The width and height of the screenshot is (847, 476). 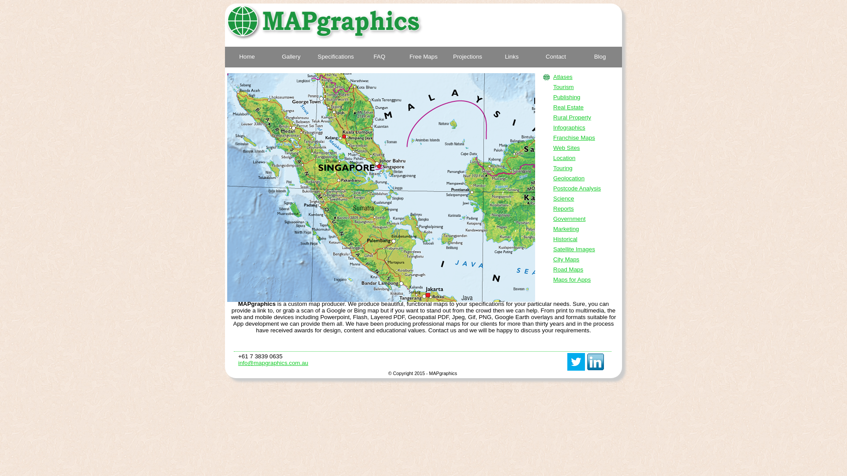 I want to click on 'Specifications', so click(x=334, y=57).